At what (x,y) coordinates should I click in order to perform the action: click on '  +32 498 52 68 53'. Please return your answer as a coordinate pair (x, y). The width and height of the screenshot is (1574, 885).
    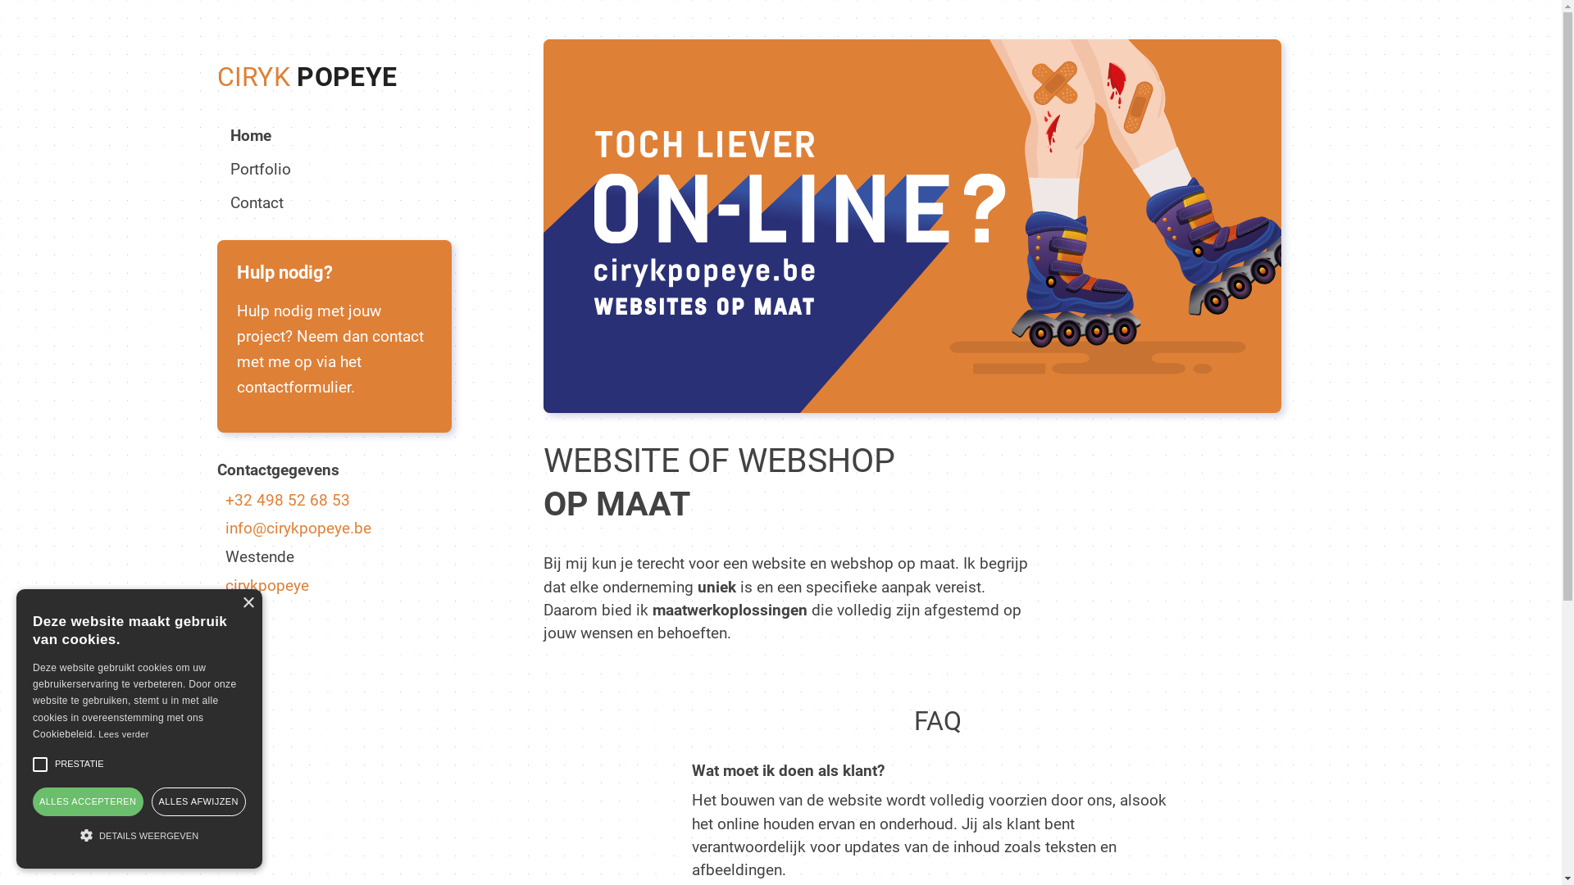
    Looking at the image, I should click on (333, 499).